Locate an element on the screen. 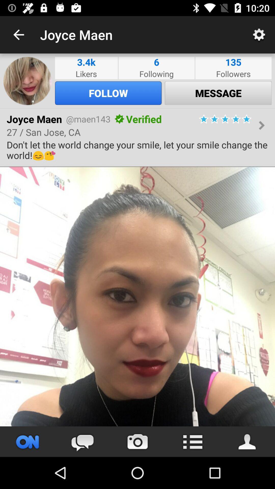  icon next to the joyce maen item is located at coordinates (18, 34).